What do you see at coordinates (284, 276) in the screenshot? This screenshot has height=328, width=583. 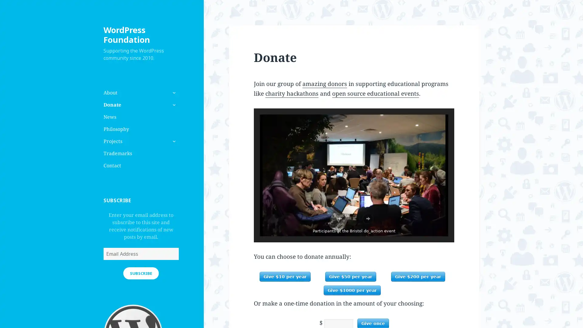 I see `Give $10 per year` at bounding box center [284, 276].